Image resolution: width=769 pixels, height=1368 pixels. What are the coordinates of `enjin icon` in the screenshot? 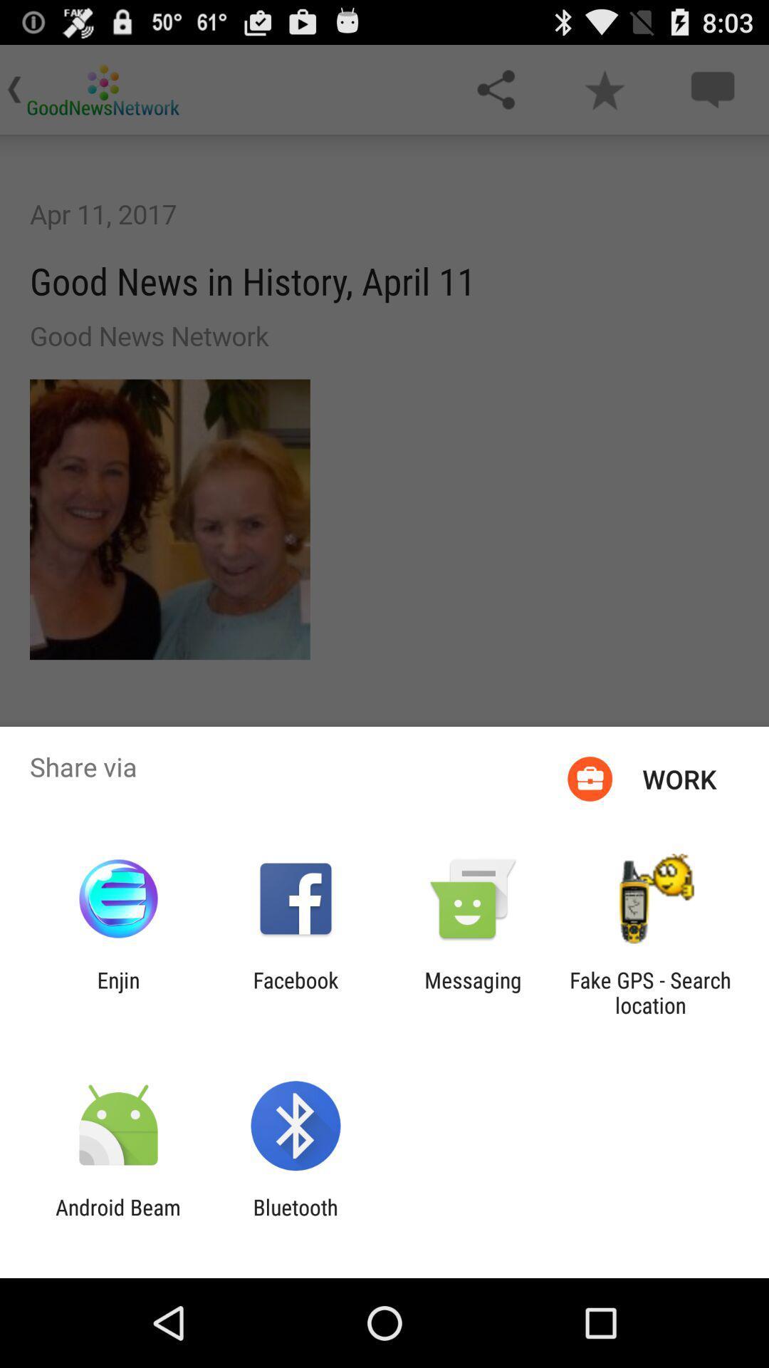 It's located at (117, 992).